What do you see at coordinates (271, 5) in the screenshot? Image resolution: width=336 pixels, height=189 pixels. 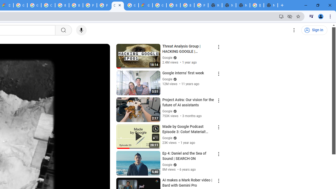 I see `'New Tab'` at bounding box center [271, 5].